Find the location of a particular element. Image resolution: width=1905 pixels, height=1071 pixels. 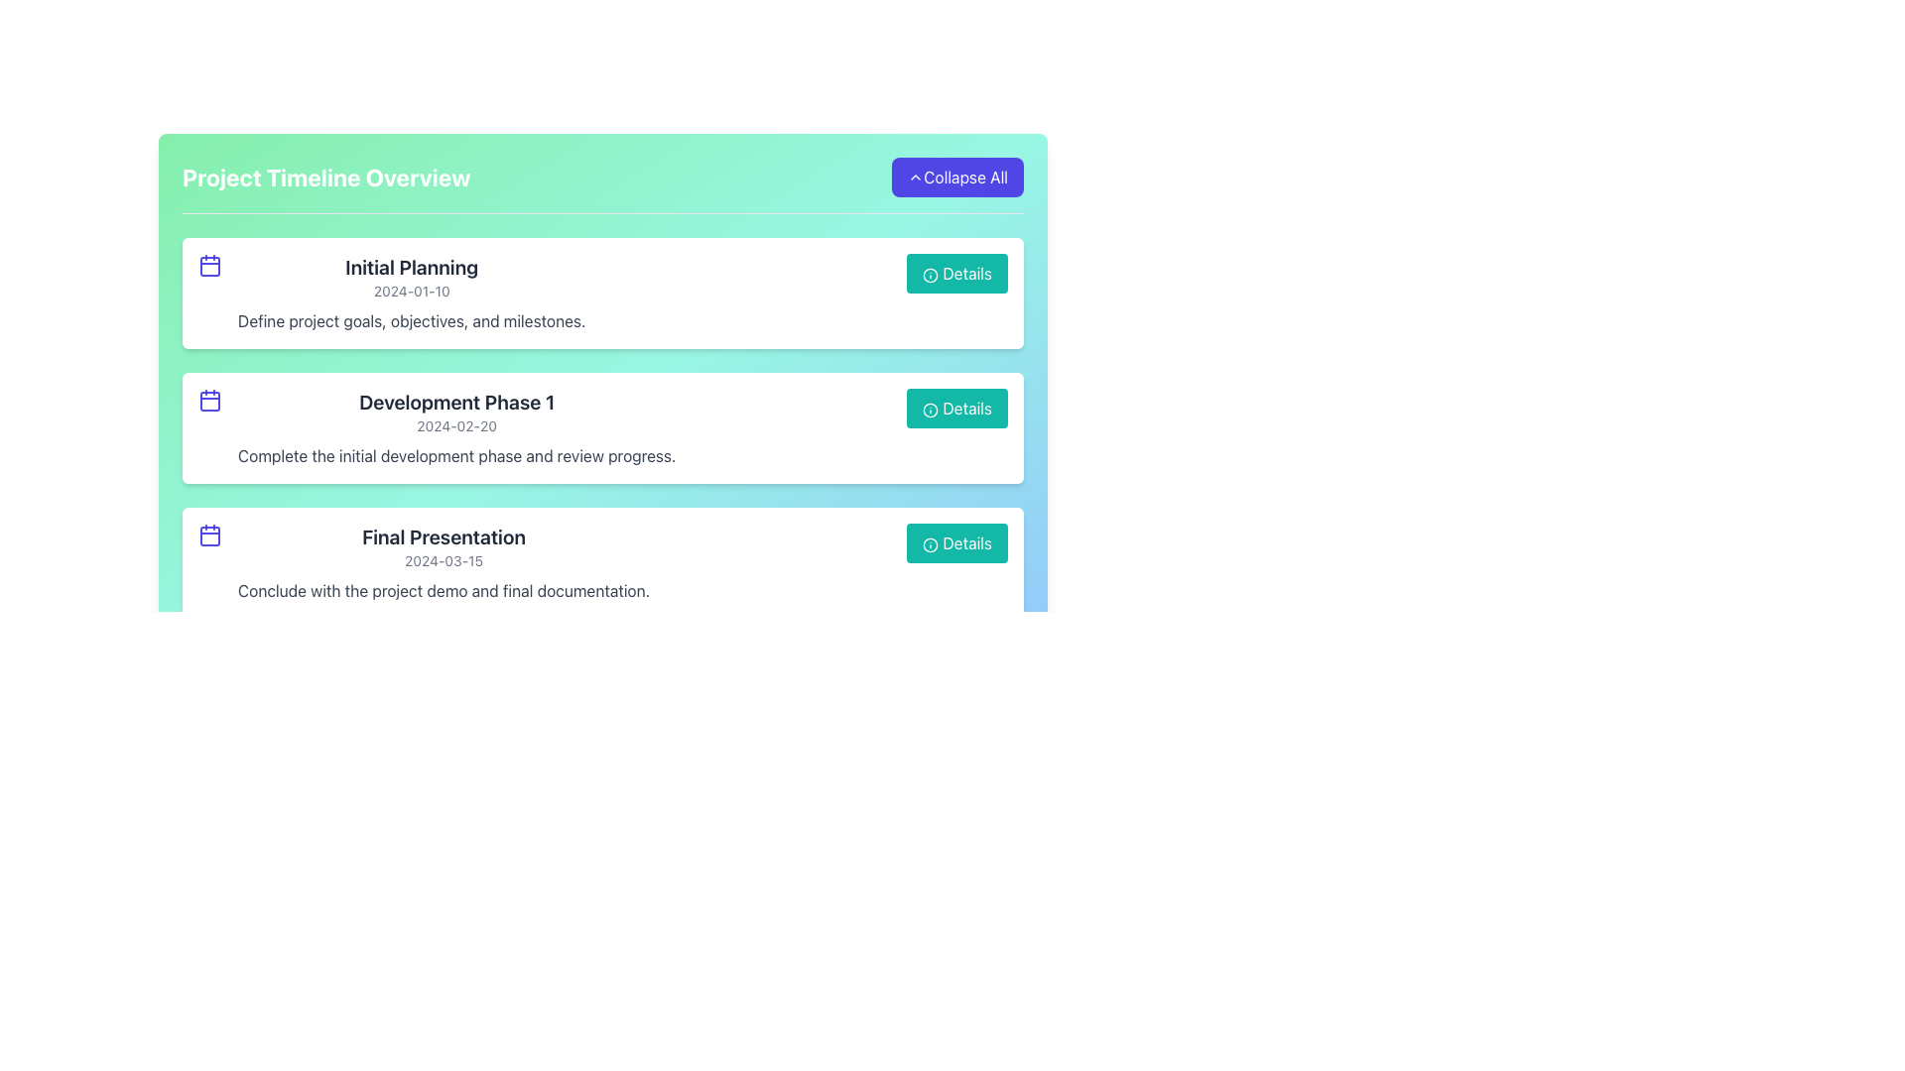

the button that provides additional information for the 'Initial Planning' task, located on the right side of the 'Project Timeline Overview' section is located at coordinates (957, 274).